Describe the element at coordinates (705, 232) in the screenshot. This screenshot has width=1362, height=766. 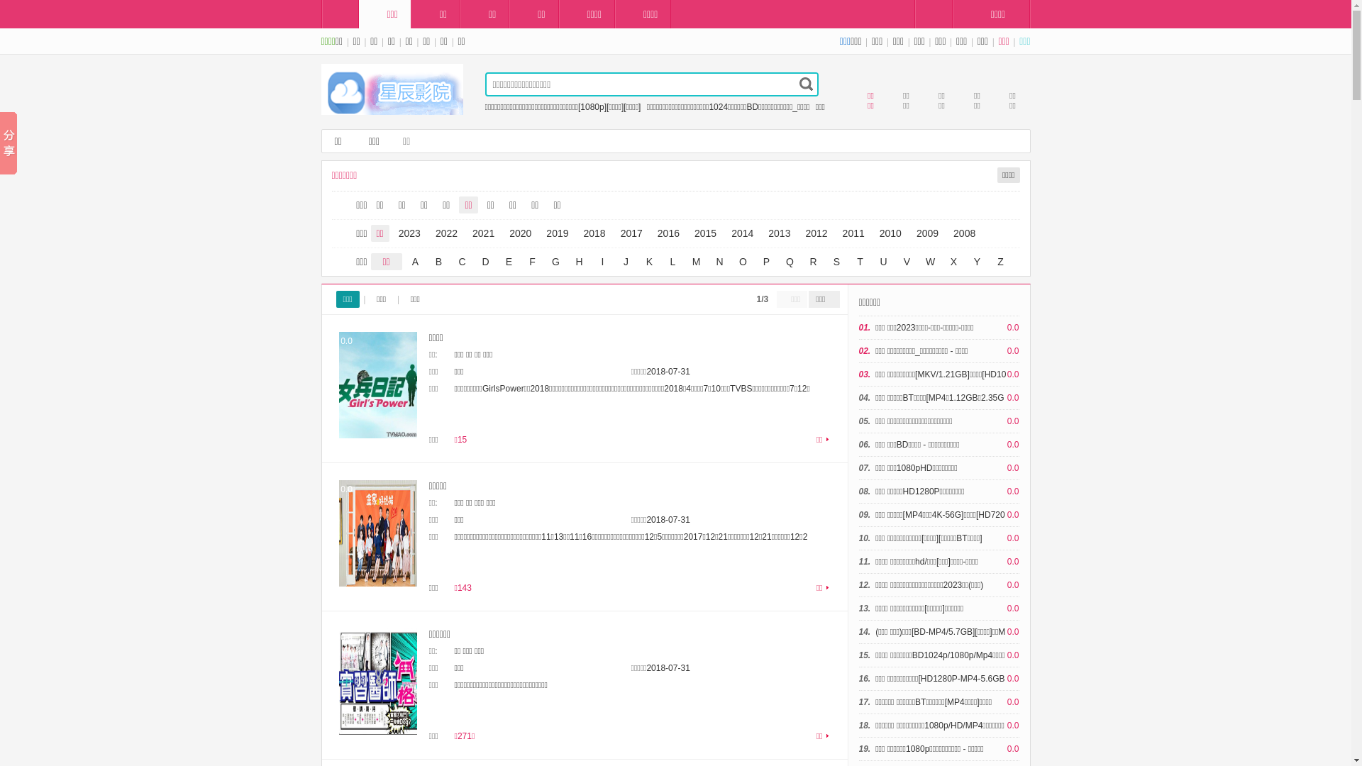
I see `'2015'` at that location.